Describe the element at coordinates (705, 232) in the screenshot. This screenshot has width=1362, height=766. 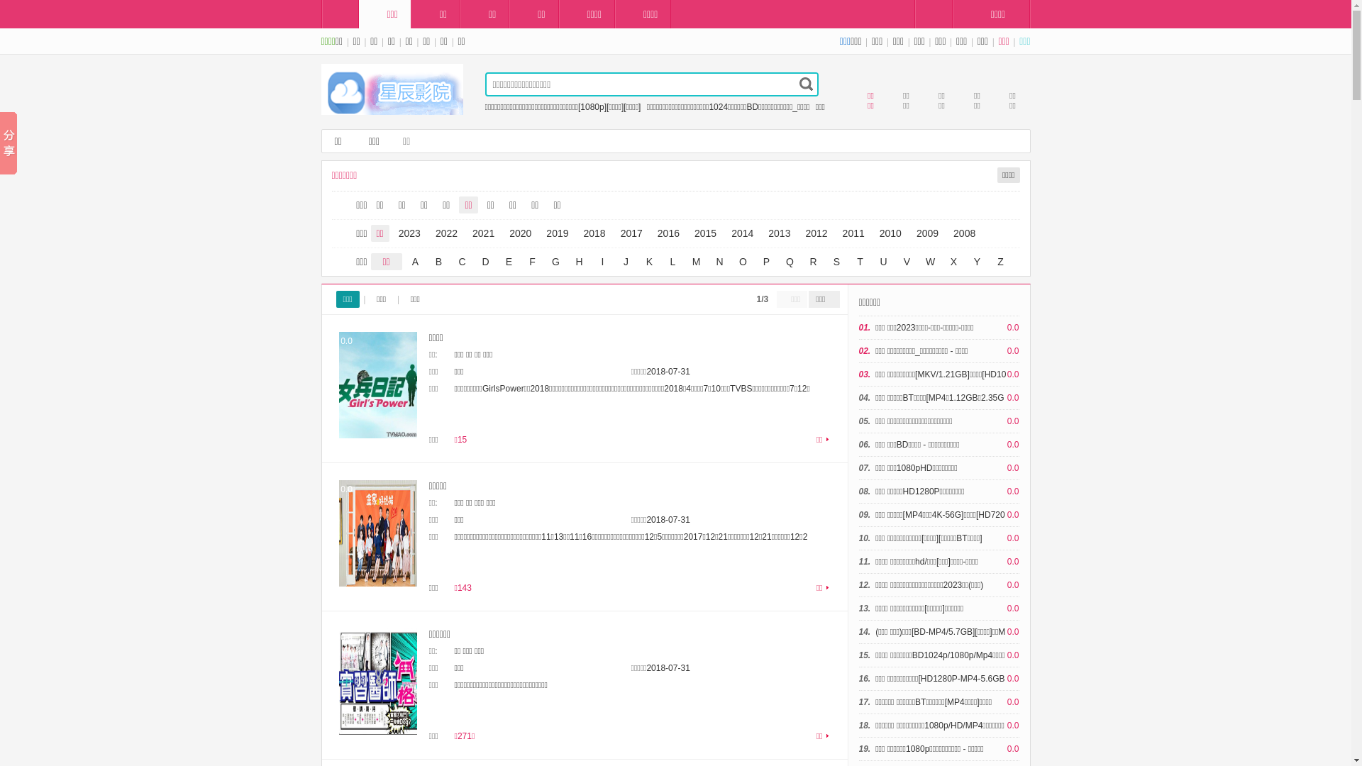
I see `'2015'` at that location.